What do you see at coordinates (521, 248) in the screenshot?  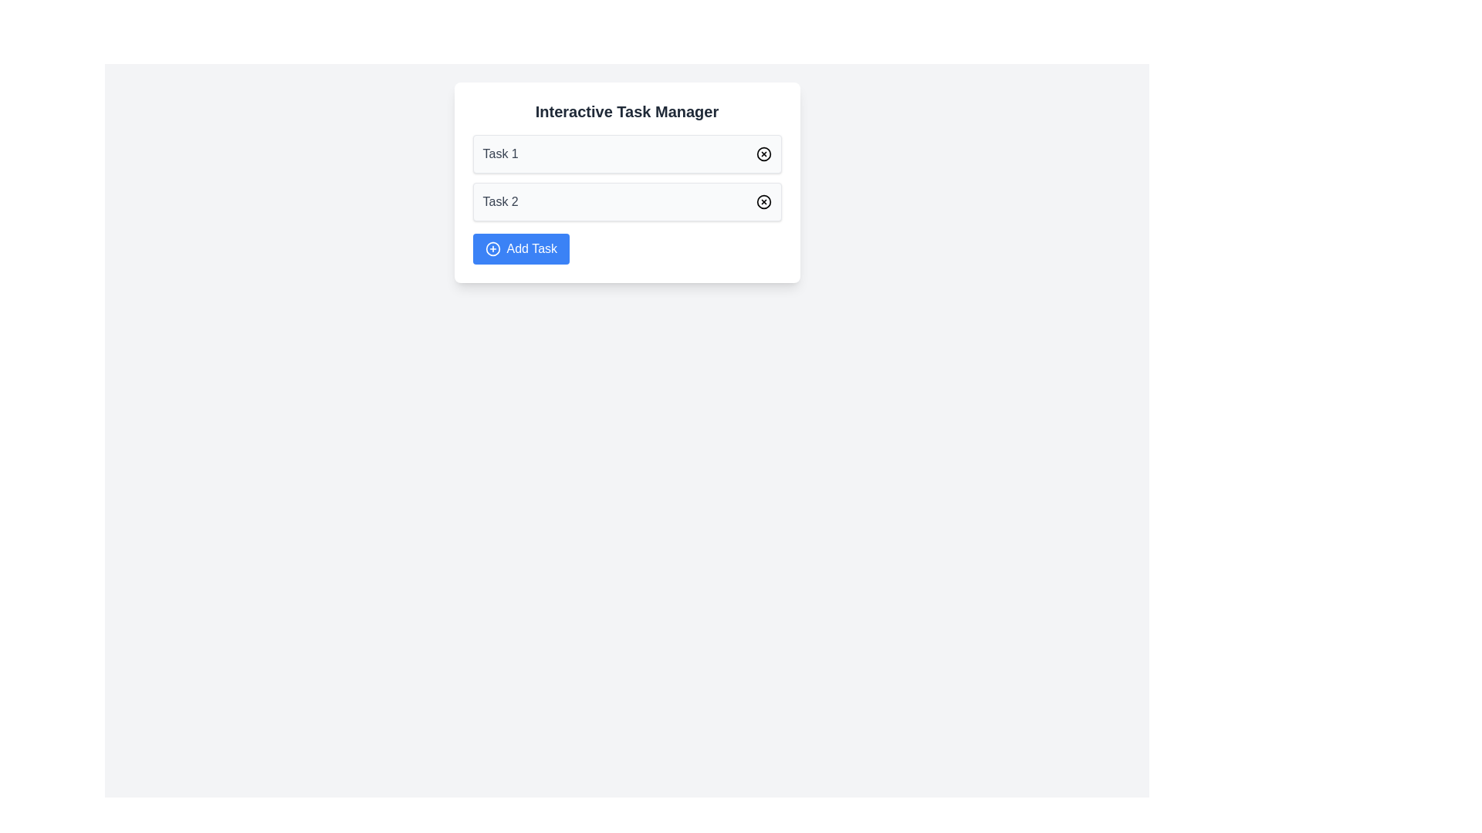 I see `the button located at the bottom of the 'Interactive Task Manager' card` at bounding box center [521, 248].